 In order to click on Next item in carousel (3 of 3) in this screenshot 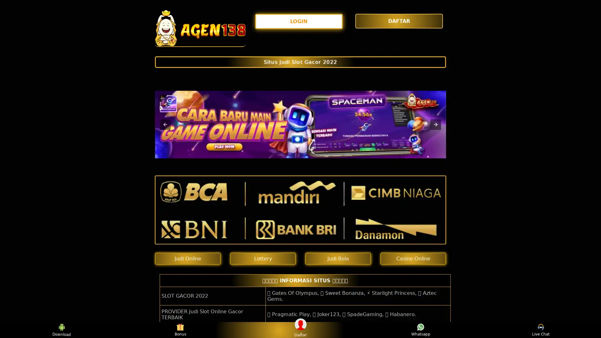, I will do `click(435, 124)`.